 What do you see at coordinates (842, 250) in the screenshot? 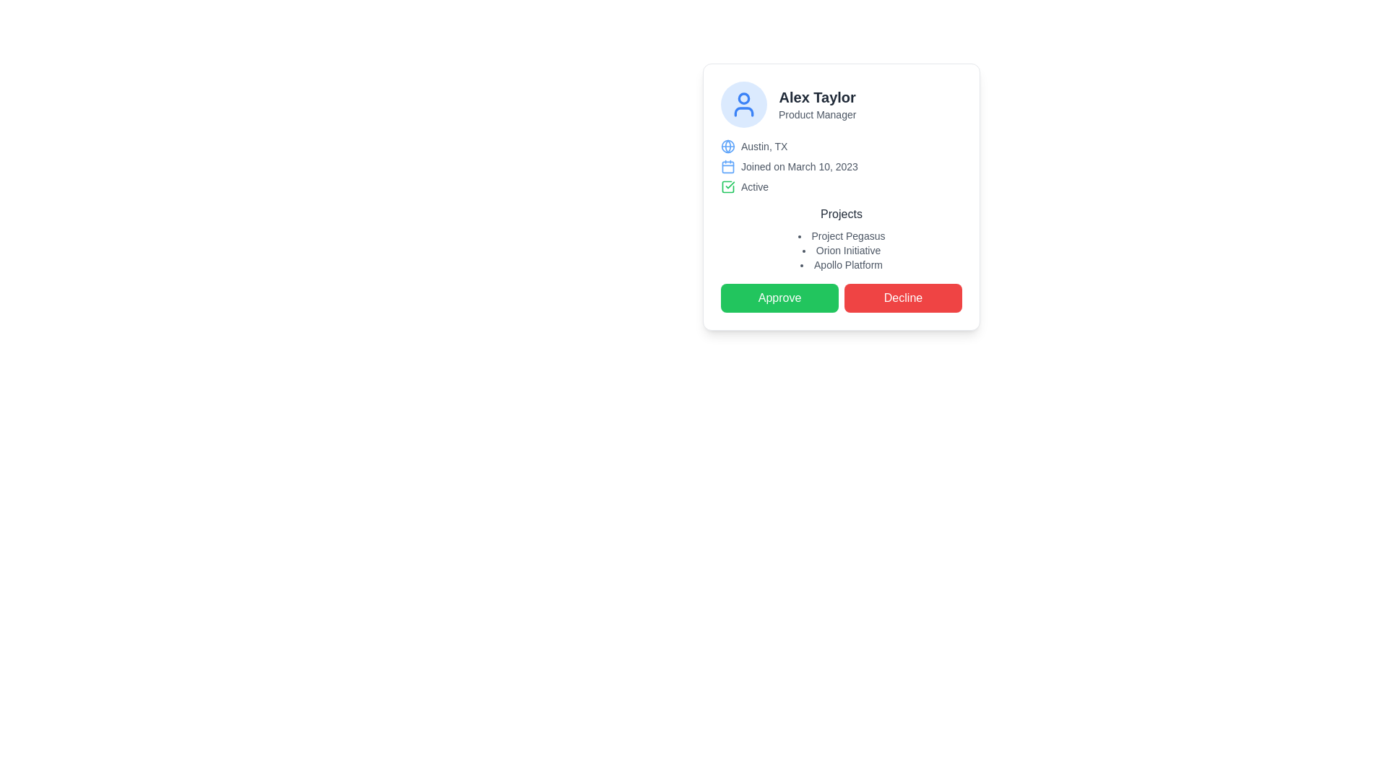
I see `information from the second bullet point labeled 'Orion Initiative' in the 'Projects' list, which is centrally aligned within the card interface` at bounding box center [842, 250].